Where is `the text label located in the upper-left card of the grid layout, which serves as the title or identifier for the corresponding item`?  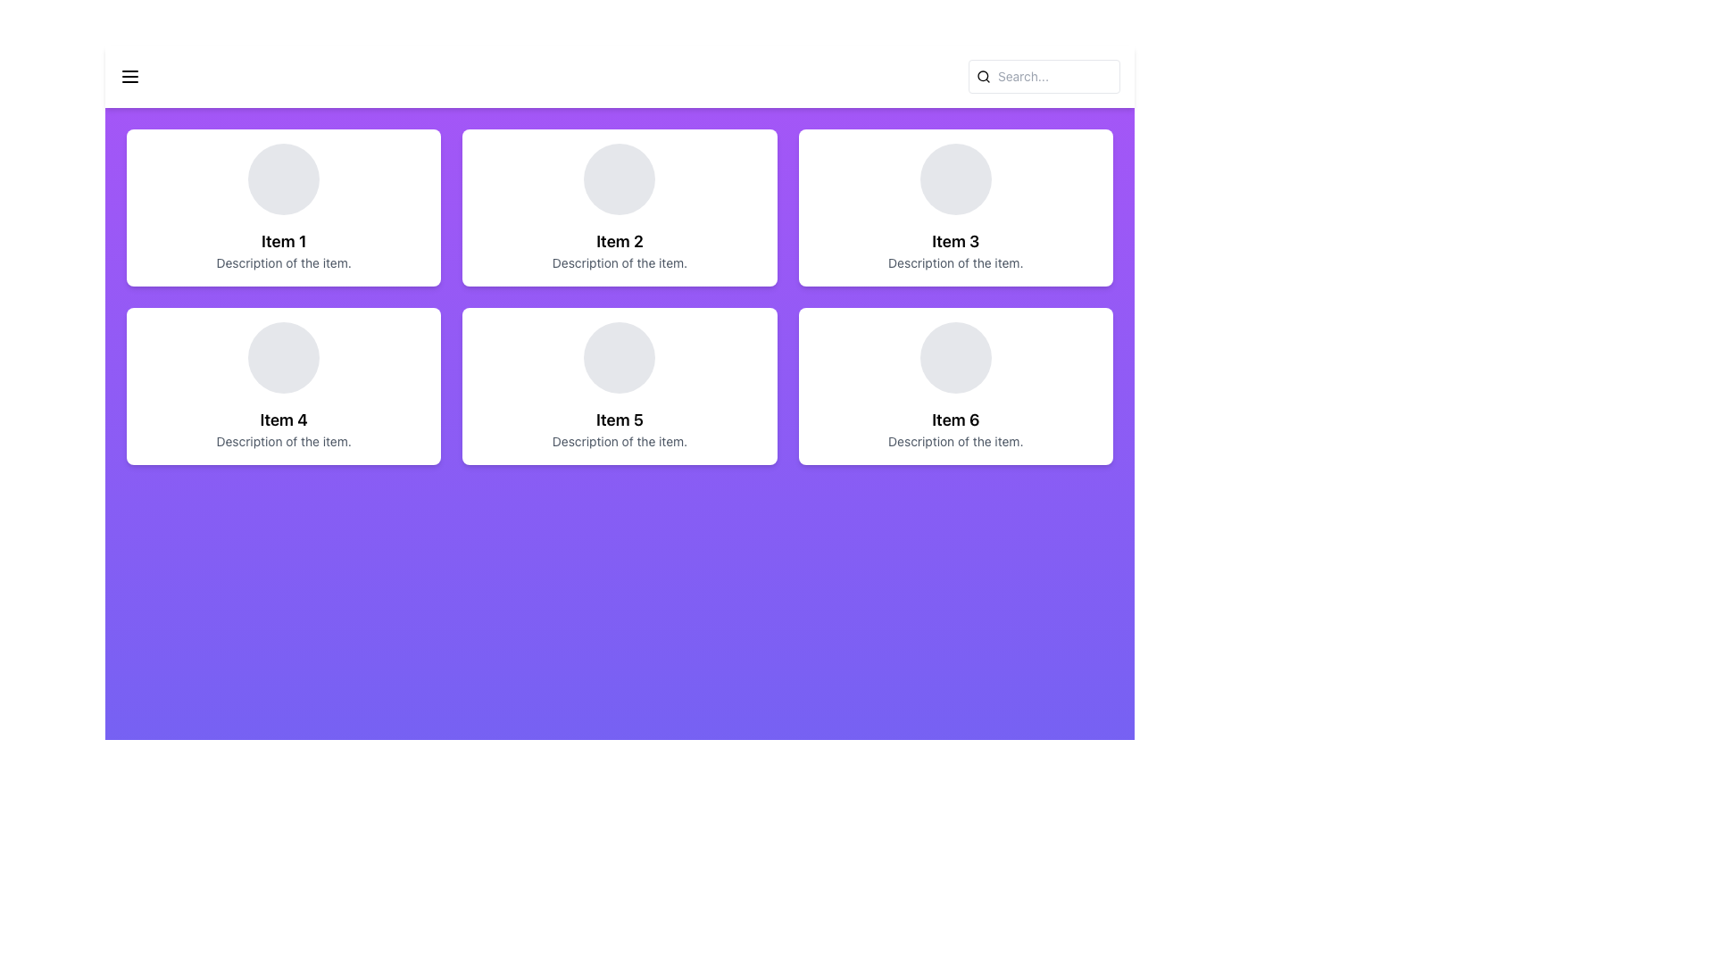 the text label located in the upper-left card of the grid layout, which serves as the title or identifier for the corresponding item is located at coordinates (283, 241).